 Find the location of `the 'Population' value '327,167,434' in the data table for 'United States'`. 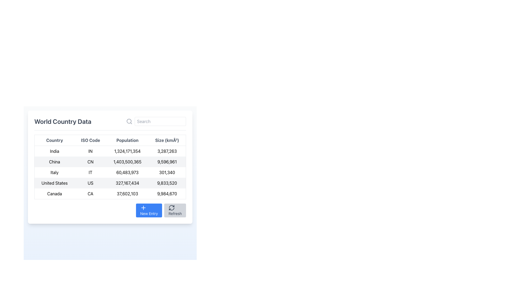

the 'Population' value '327,167,434' in the data table for 'United States' is located at coordinates (127, 183).